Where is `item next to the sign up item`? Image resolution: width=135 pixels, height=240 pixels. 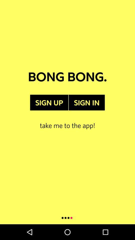
item next to the sign up item is located at coordinates (86, 102).